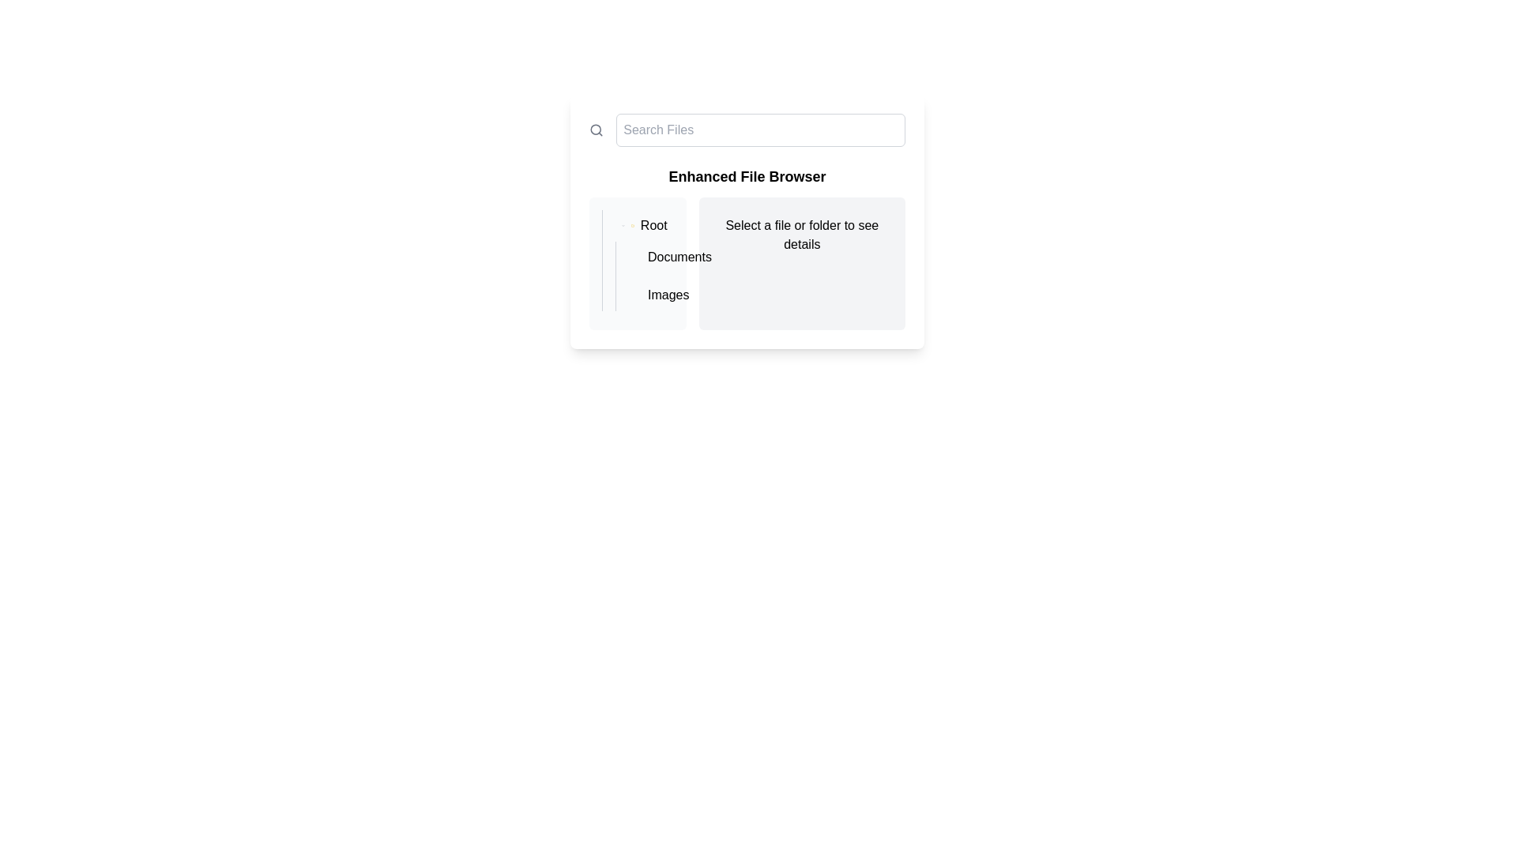  I want to click on the 'Documents' text label located under the 'Root' node in the tree navigation structure, so click(644, 260).